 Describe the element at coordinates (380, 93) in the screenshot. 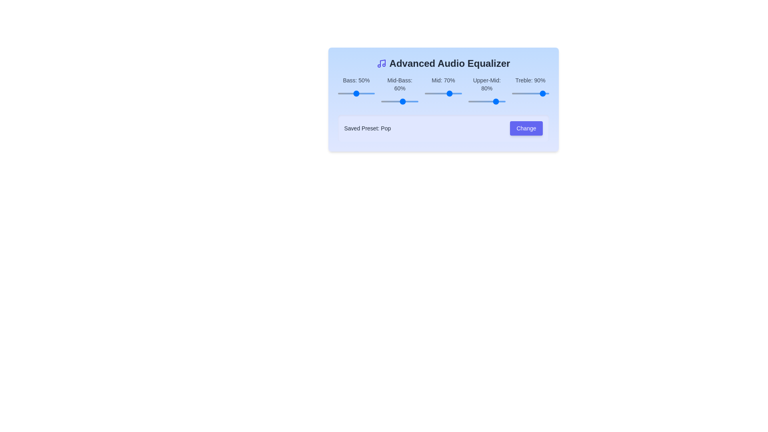

I see `the slider for the 0 band to 61%` at that location.